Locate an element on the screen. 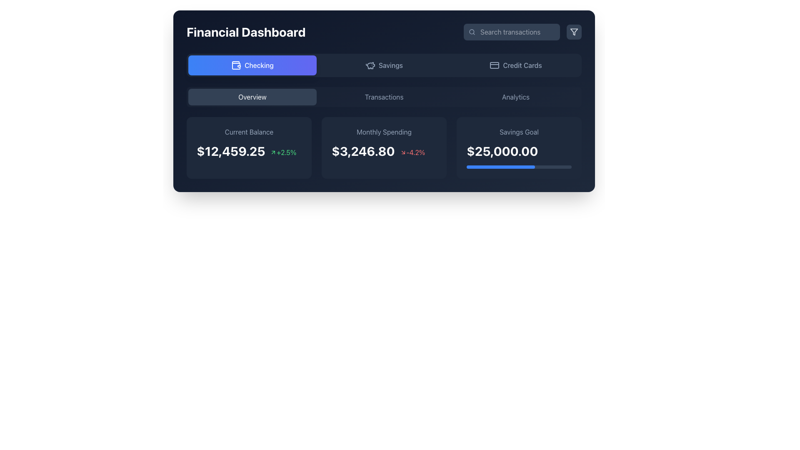 This screenshot has width=800, height=450. the 'Analytics' text link in the horizontal navigation menu is located at coordinates (515, 96).